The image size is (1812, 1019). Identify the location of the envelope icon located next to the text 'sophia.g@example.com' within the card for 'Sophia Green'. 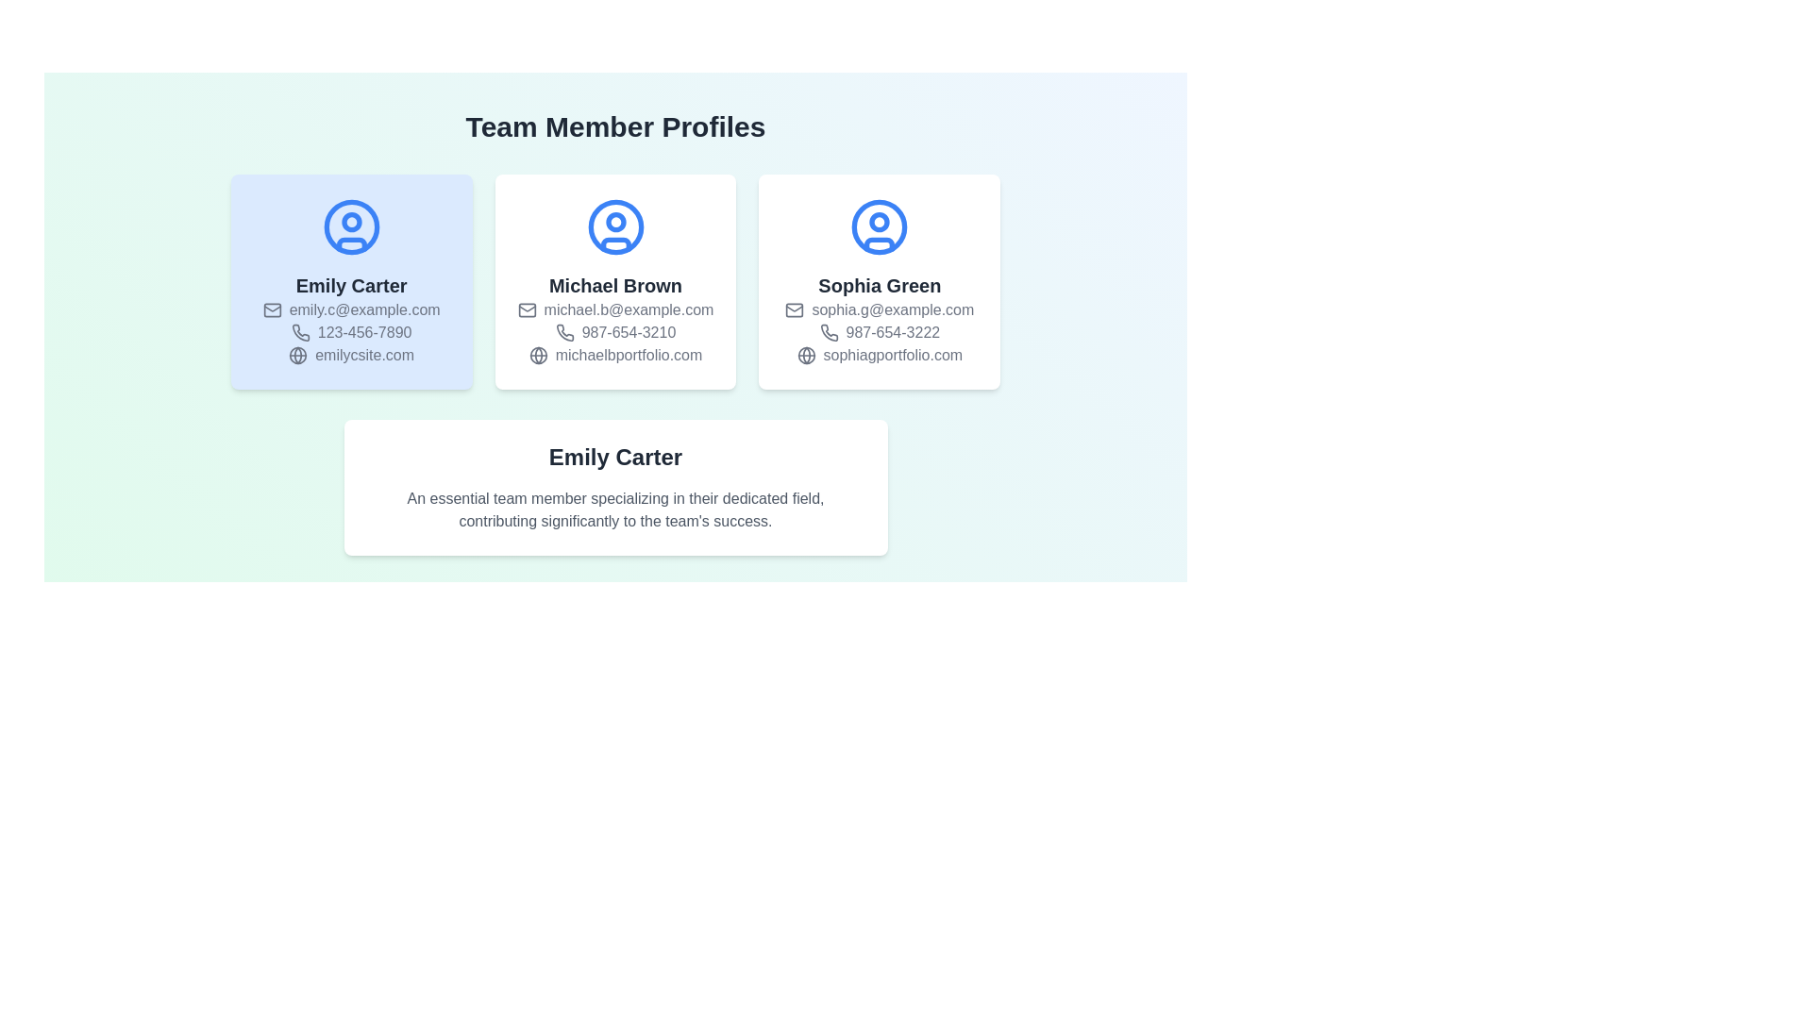
(795, 309).